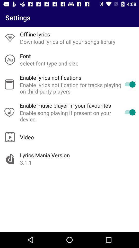 The height and width of the screenshot is (248, 139). Describe the element at coordinates (65, 105) in the screenshot. I see `the enable music player item` at that location.